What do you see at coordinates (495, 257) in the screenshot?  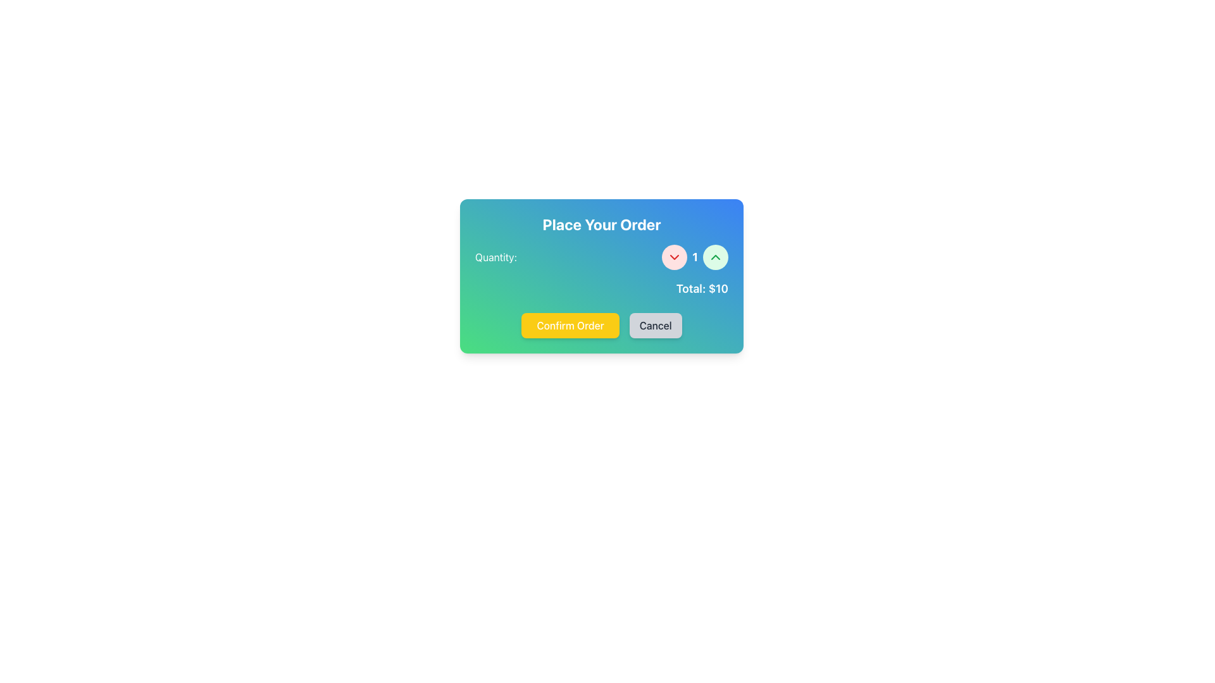 I see `the Text Label that describes the quantity indication and adjustment section, located in the modal dialog interface` at bounding box center [495, 257].